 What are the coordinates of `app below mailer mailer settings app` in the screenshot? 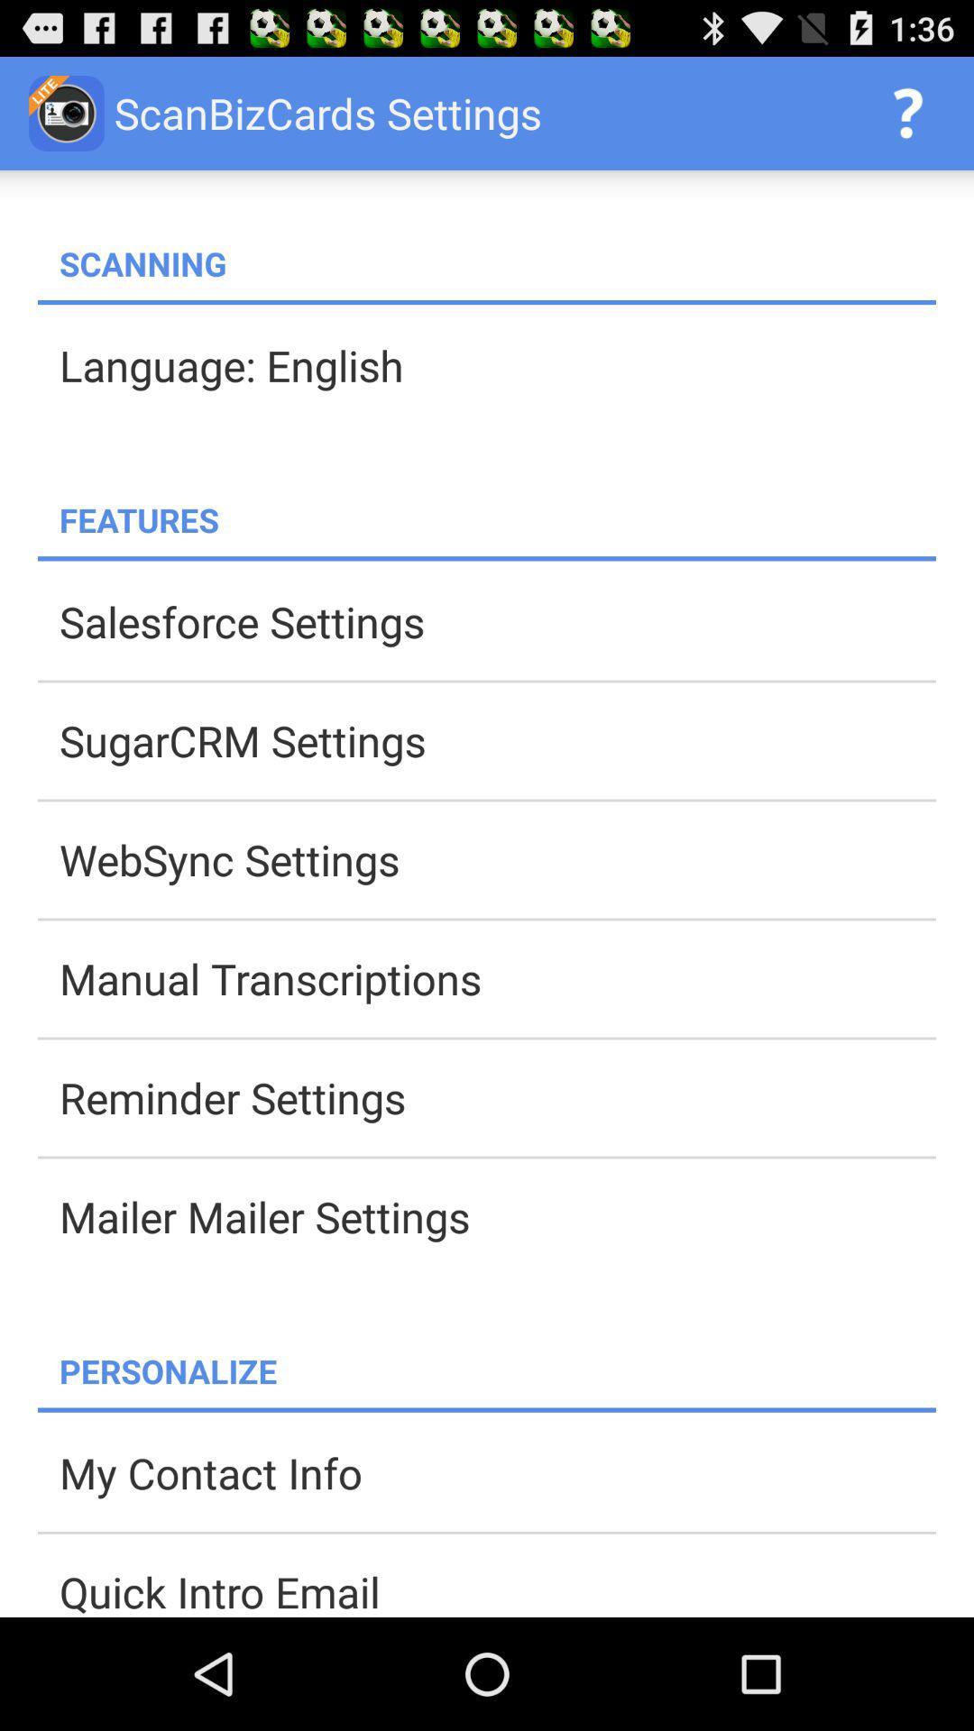 It's located at (497, 1370).